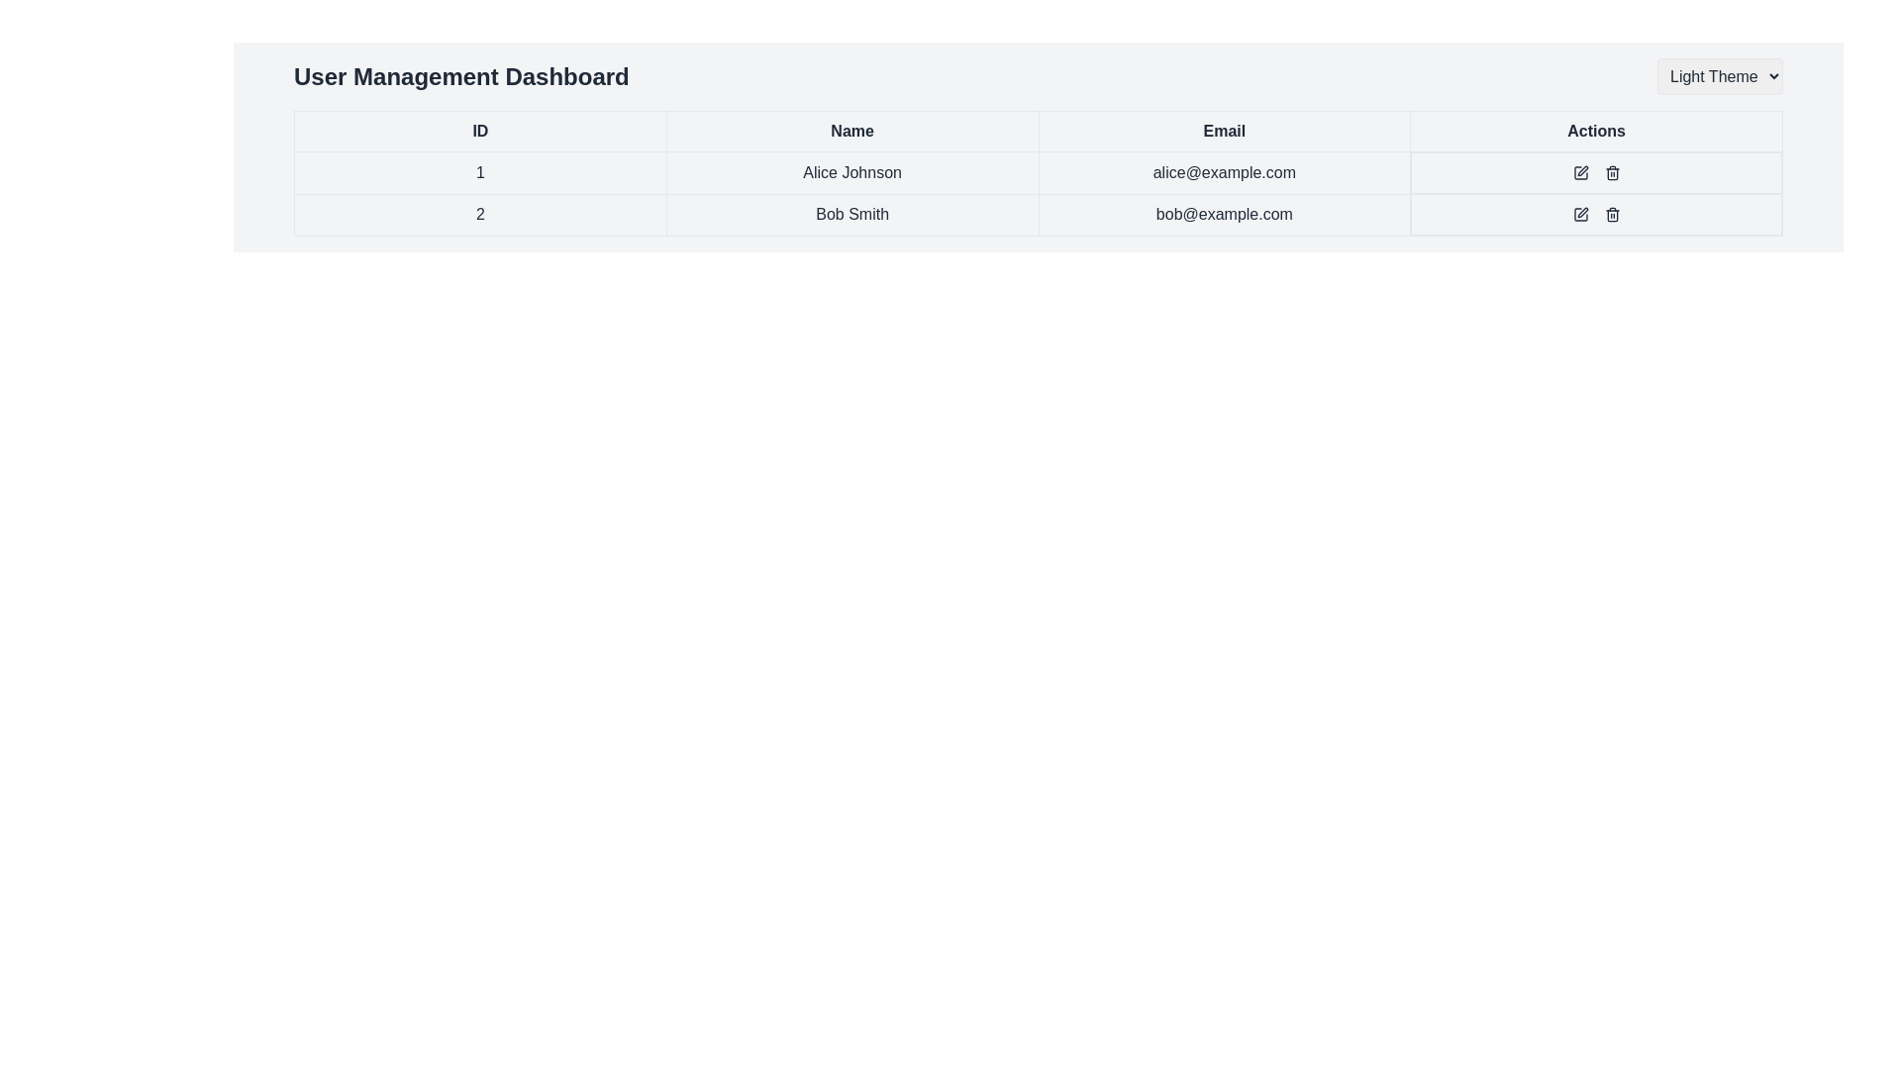 This screenshot has height=1069, width=1901. What do you see at coordinates (480, 171) in the screenshot?
I see `the table cell containing the centered text '1'` at bounding box center [480, 171].